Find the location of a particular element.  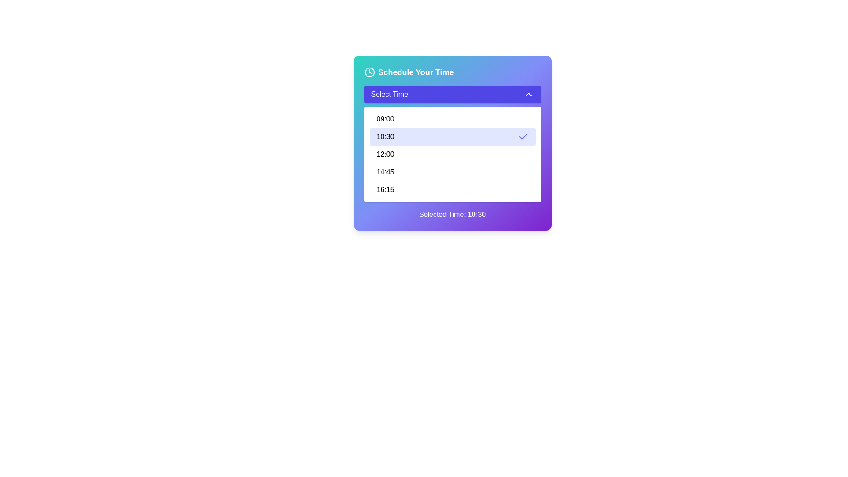

the Dropdown button labeled 'Select Time' is located at coordinates (452, 94).